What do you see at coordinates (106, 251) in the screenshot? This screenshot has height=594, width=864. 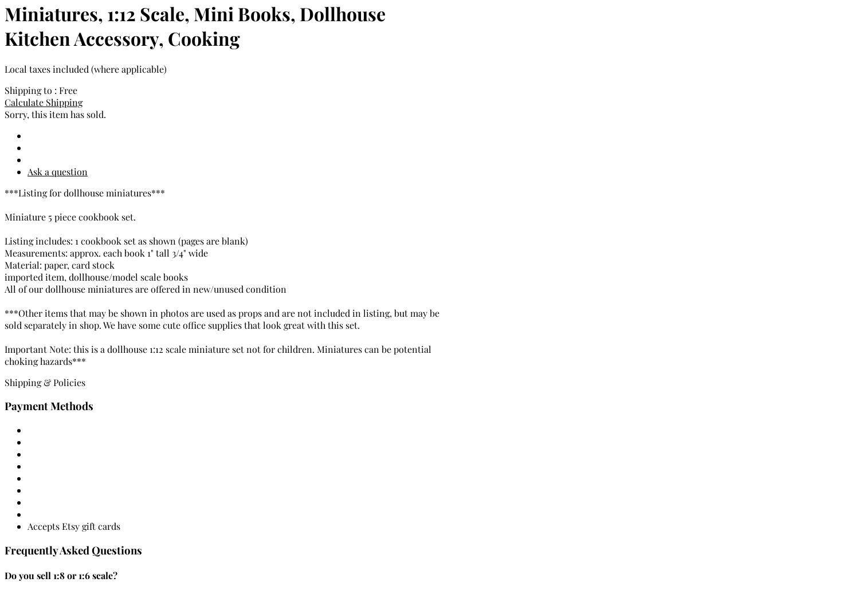 I see `'Measurements: approx. each book 1" tall 3/4" wide'` at bounding box center [106, 251].